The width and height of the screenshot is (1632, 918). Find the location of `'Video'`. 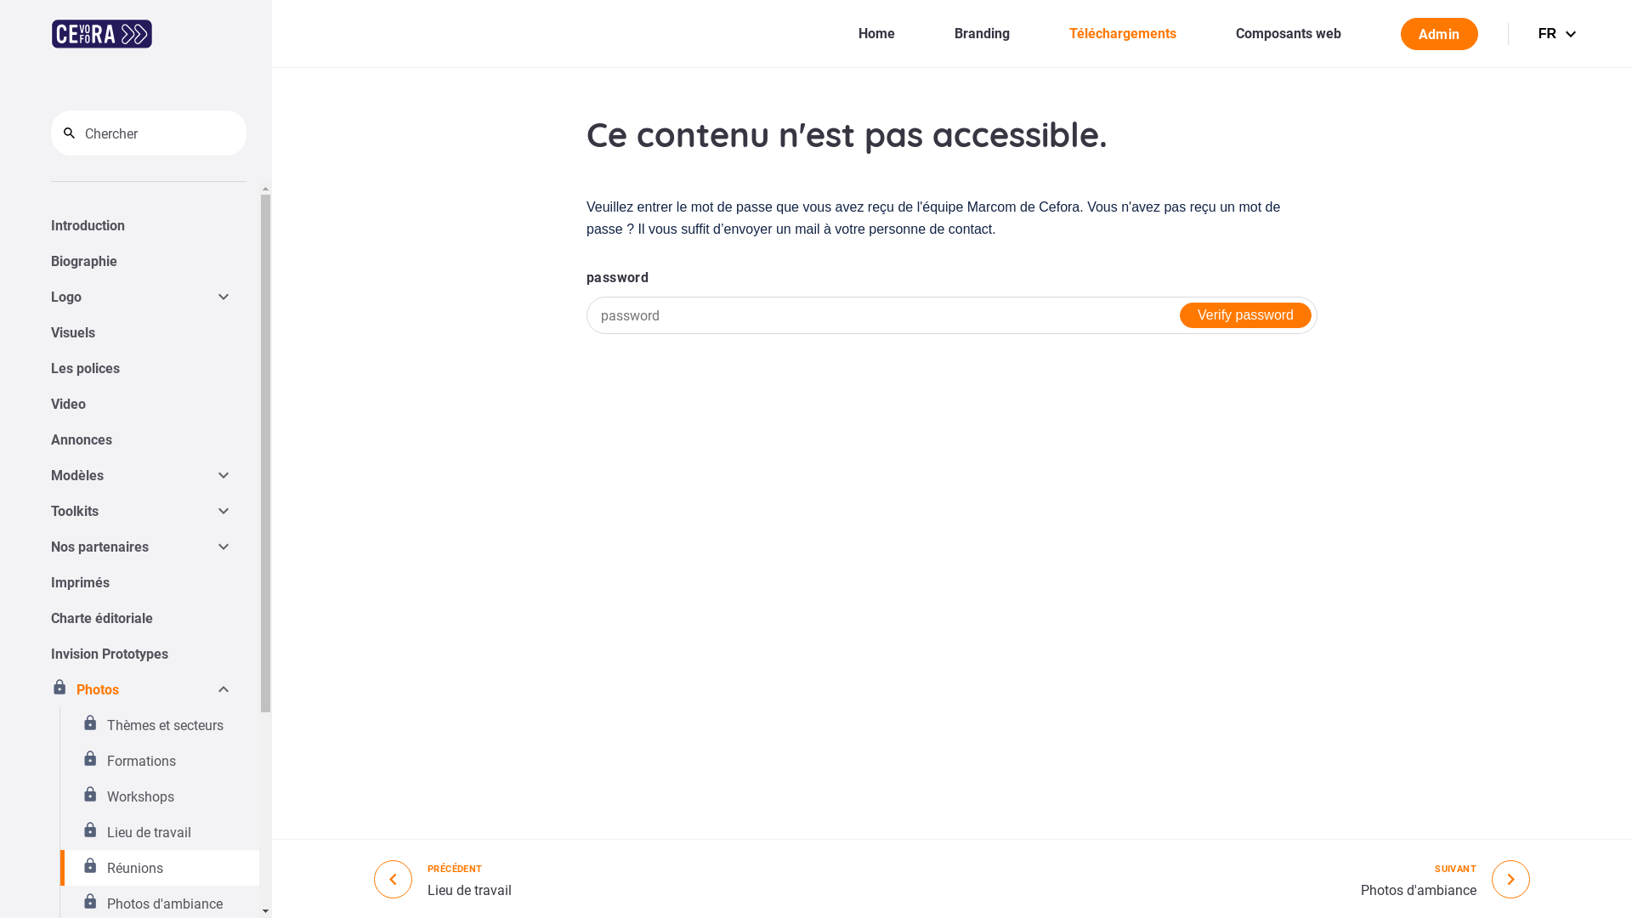

'Video' is located at coordinates (142, 403).